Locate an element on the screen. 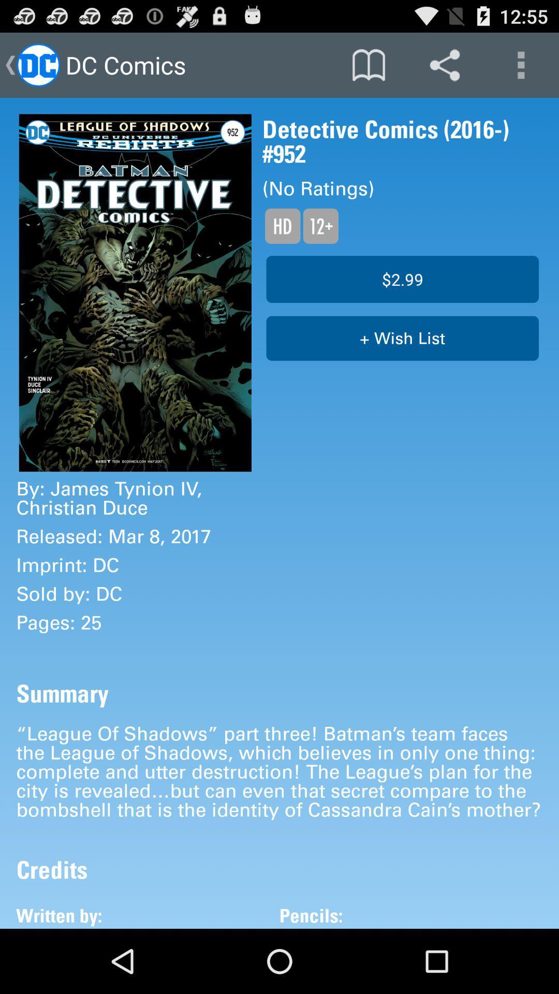 This screenshot has height=994, width=559. + wish list on the right is located at coordinates (402, 338).